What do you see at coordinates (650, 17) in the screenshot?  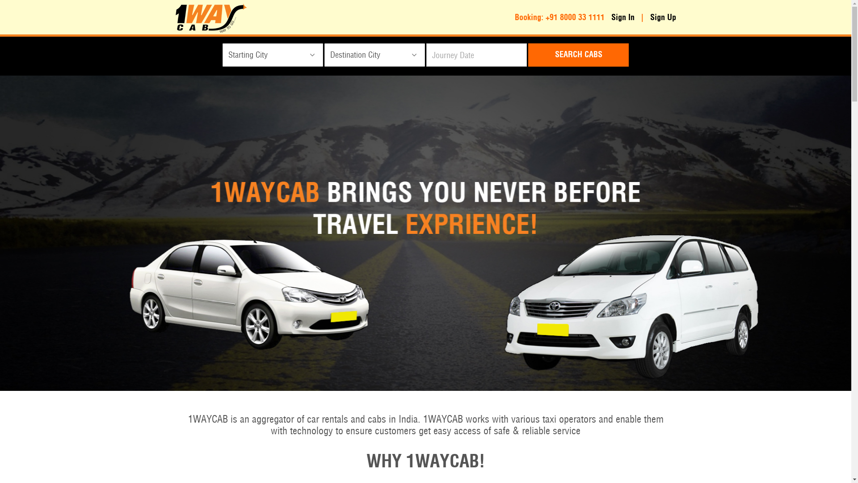 I see `'Sign Up'` at bounding box center [650, 17].